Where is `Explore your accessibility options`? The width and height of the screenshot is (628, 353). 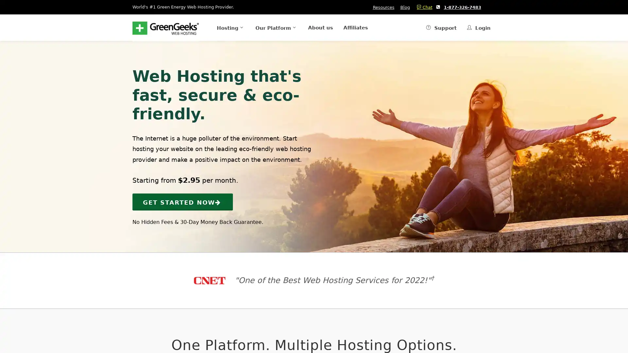
Explore your accessibility options is located at coordinates (10, 320).